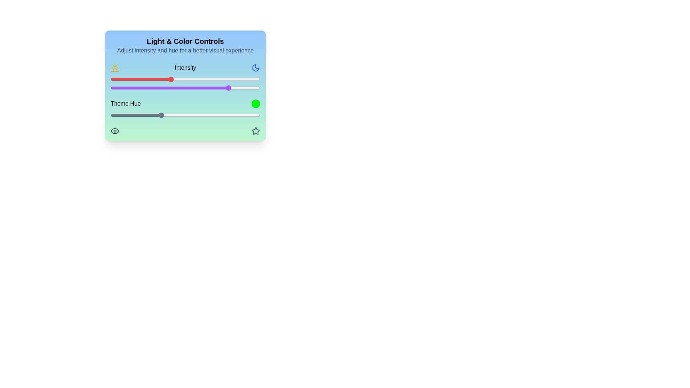 The height and width of the screenshot is (388, 690). I want to click on intensity, so click(221, 79).